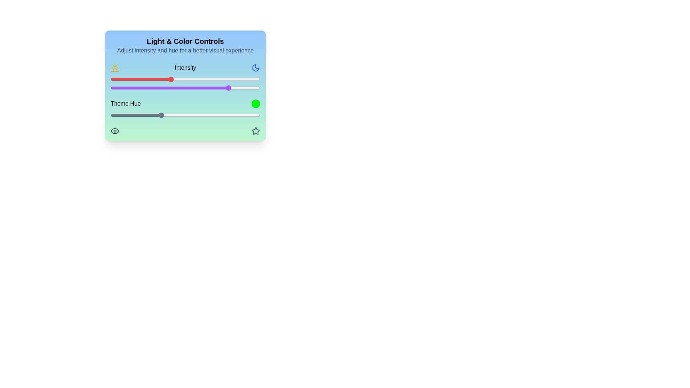 The height and width of the screenshot is (388, 690). I want to click on intensity, so click(221, 79).